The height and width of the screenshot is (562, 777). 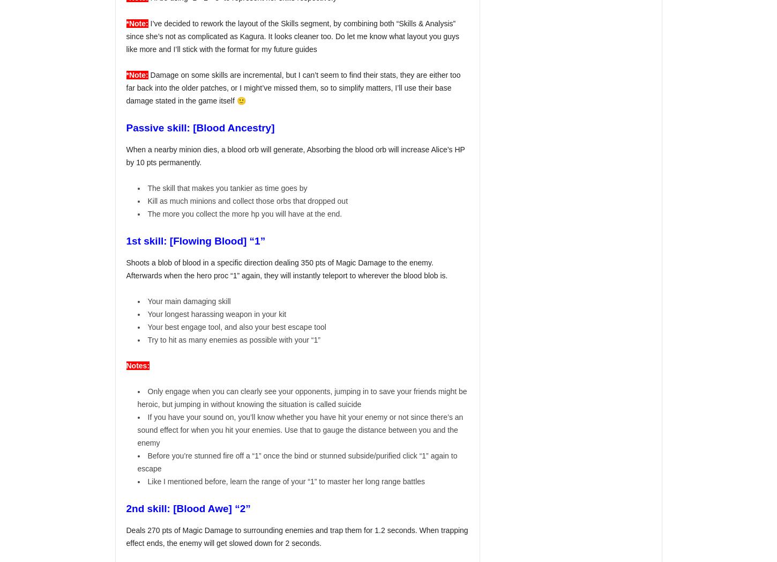 What do you see at coordinates (189, 301) in the screenshot?
I see `'Your main damaging skill'` at bounding box center [189, 301].